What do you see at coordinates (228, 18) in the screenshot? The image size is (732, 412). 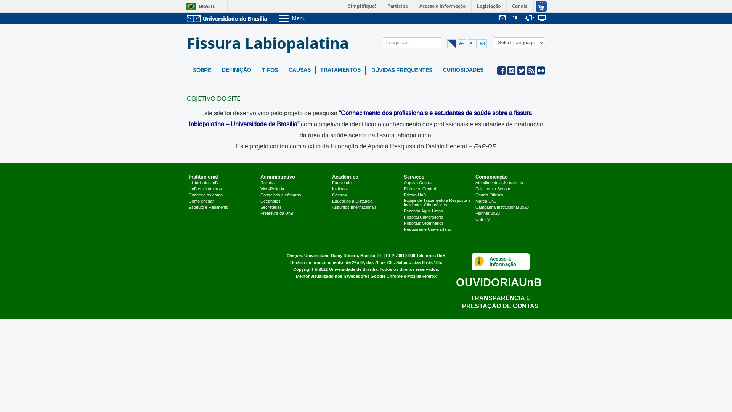 I see `'Ir para o Portal da UnB'` at bounding box center [228, 18].